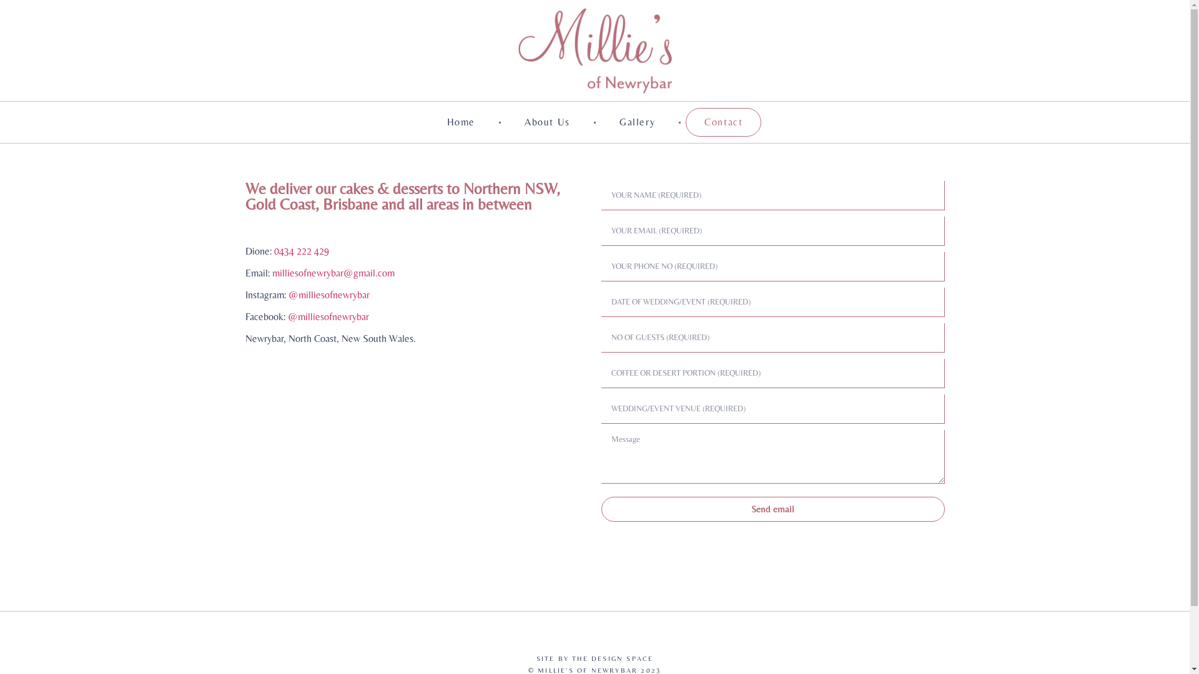 This screenshot has height=674, width=1199. Describe the element at coordinates (772, 509) in the screenshot. I see `'Send email'` at that location.